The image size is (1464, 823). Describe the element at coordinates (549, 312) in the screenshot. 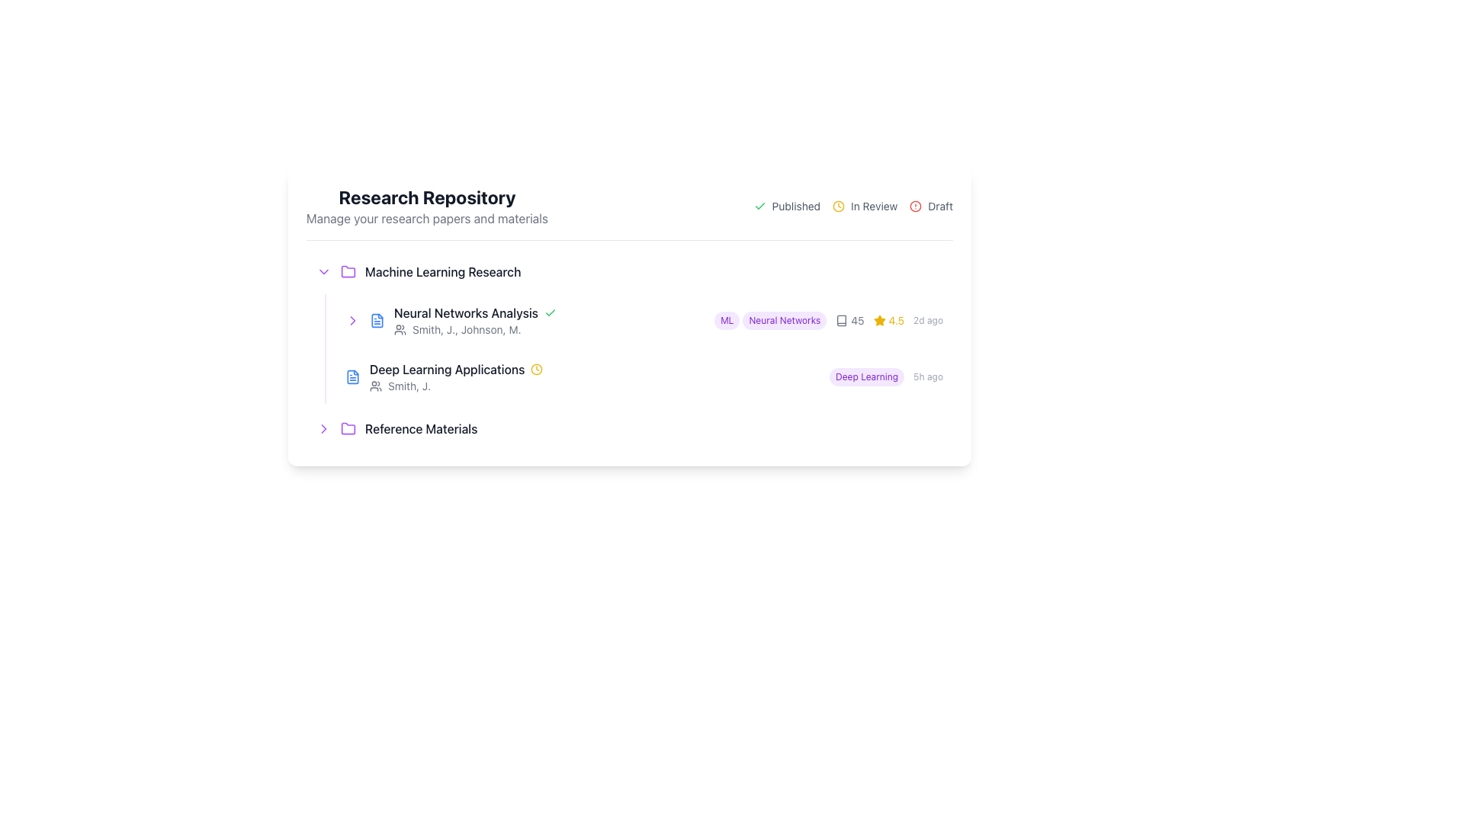

I see `the status indicator icon located to the right of the text 'Neural Networks Analysis' in the 'Machine Learning Research' section` at that location.